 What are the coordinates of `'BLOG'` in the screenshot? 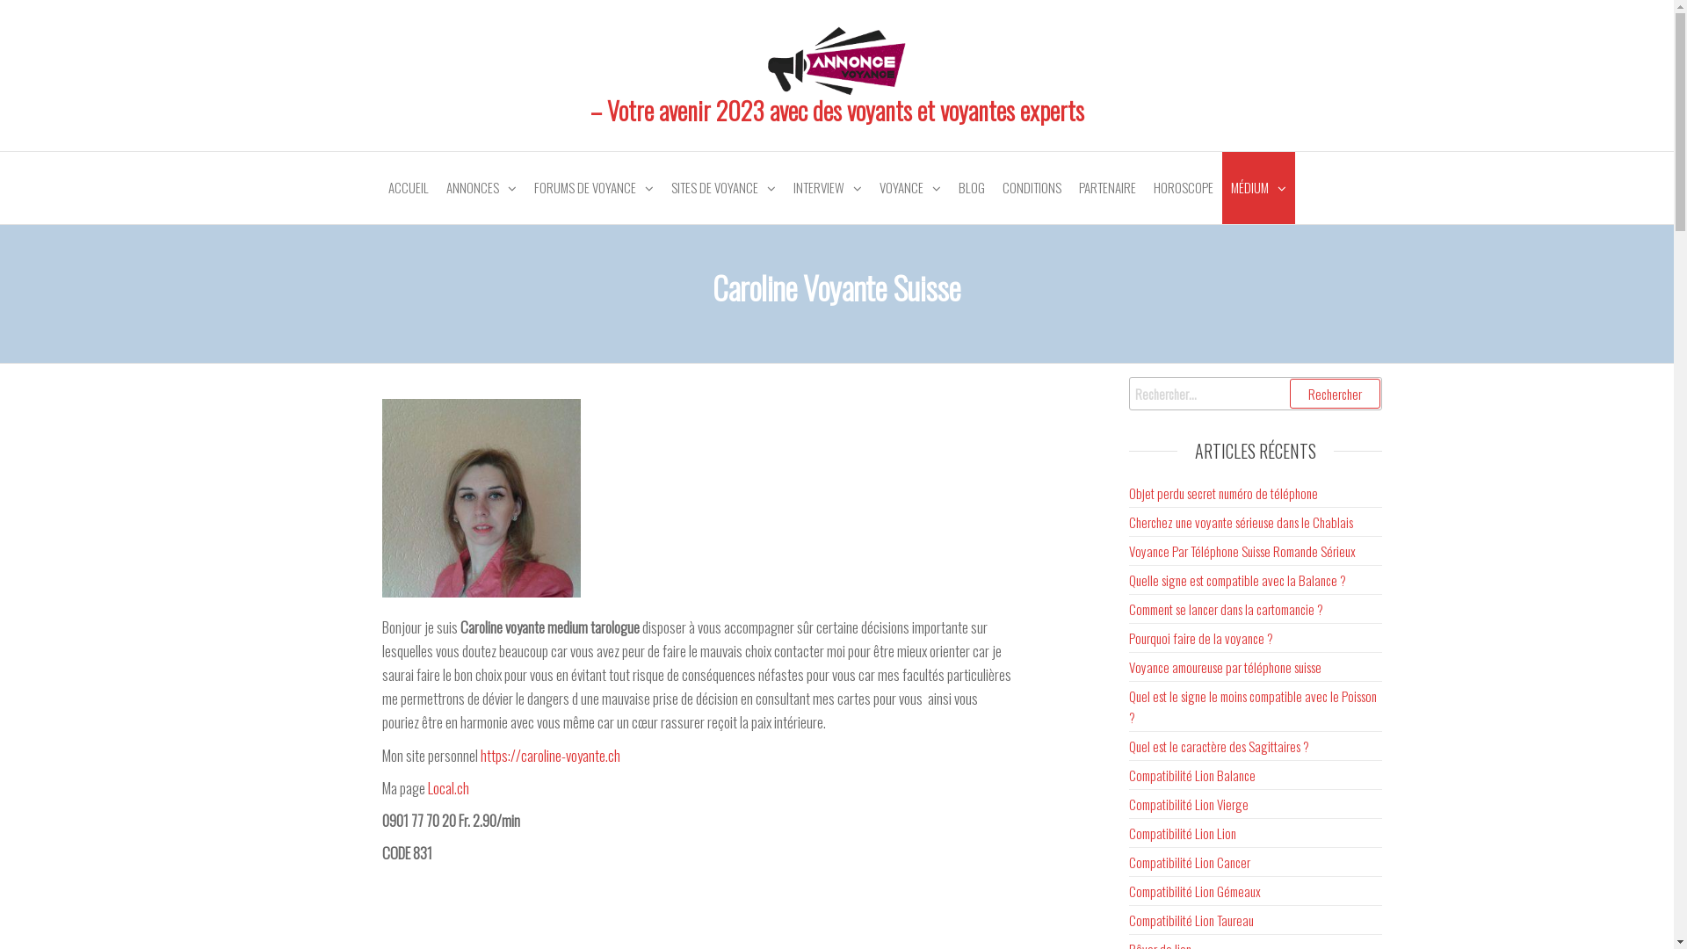 It's located at (969, 186).